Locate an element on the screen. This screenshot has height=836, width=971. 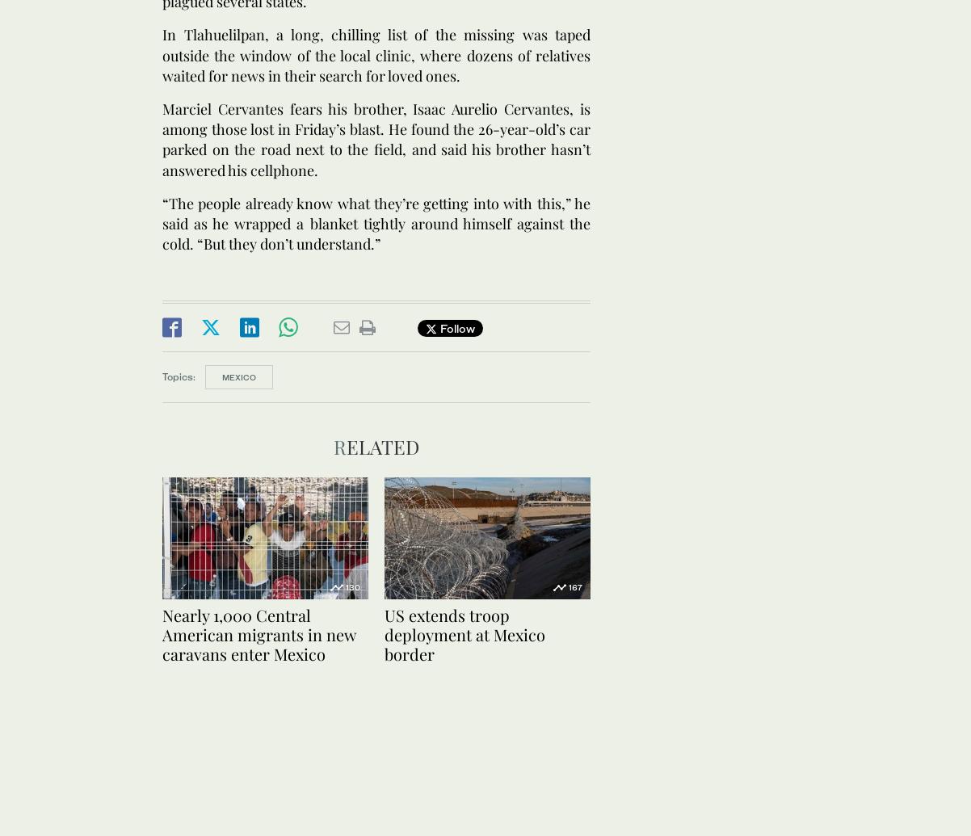
'Follow' is located at coordinates (455, 327).